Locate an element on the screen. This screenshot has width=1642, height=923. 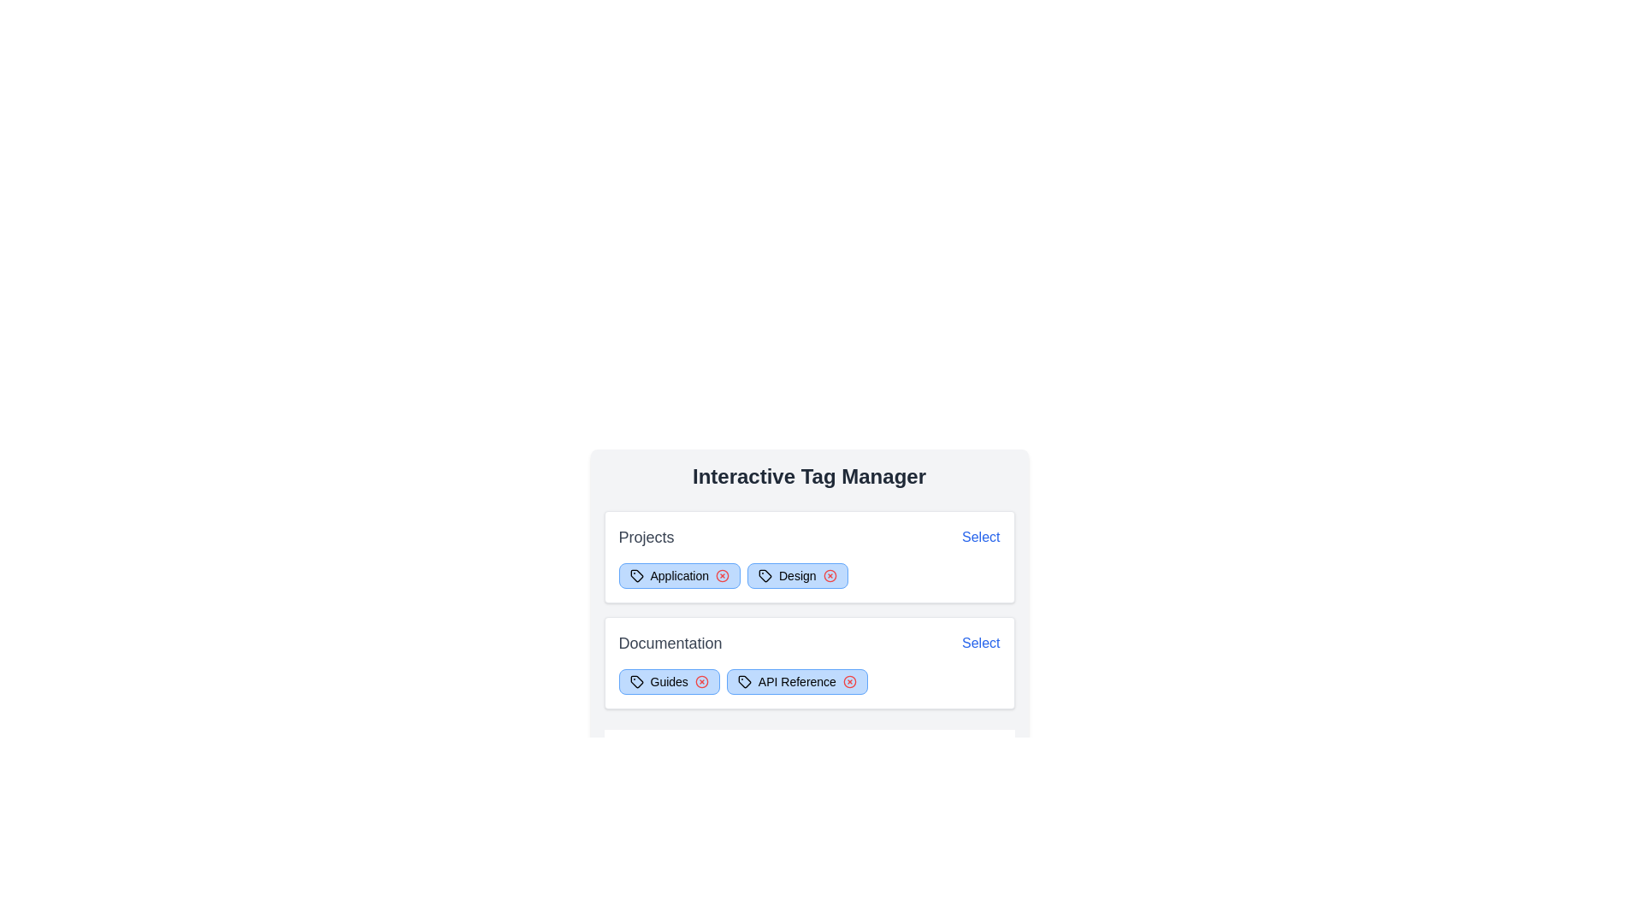
the SVG Icon that visually identifies the tag labeled 'Guides' located in the 'Documentation' section, positioned to the left of the associated text is located at coordinates (635, 681).